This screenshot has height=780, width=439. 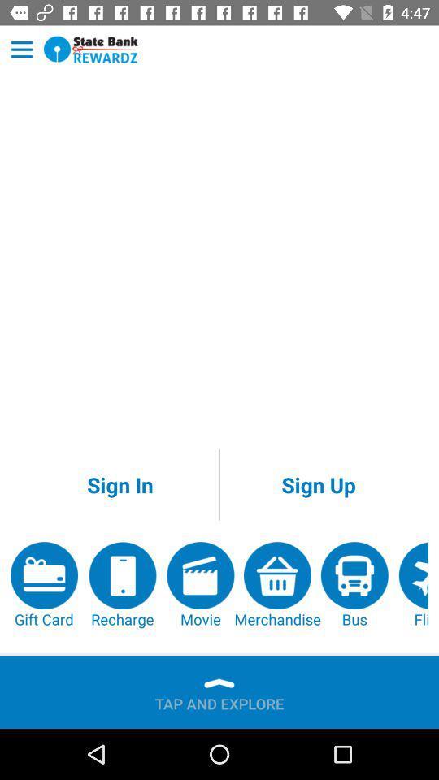 What do you see at coordinates (219, 700) in the screenshot?
I see `the tap and explore item` at bounding box center [219, 700].